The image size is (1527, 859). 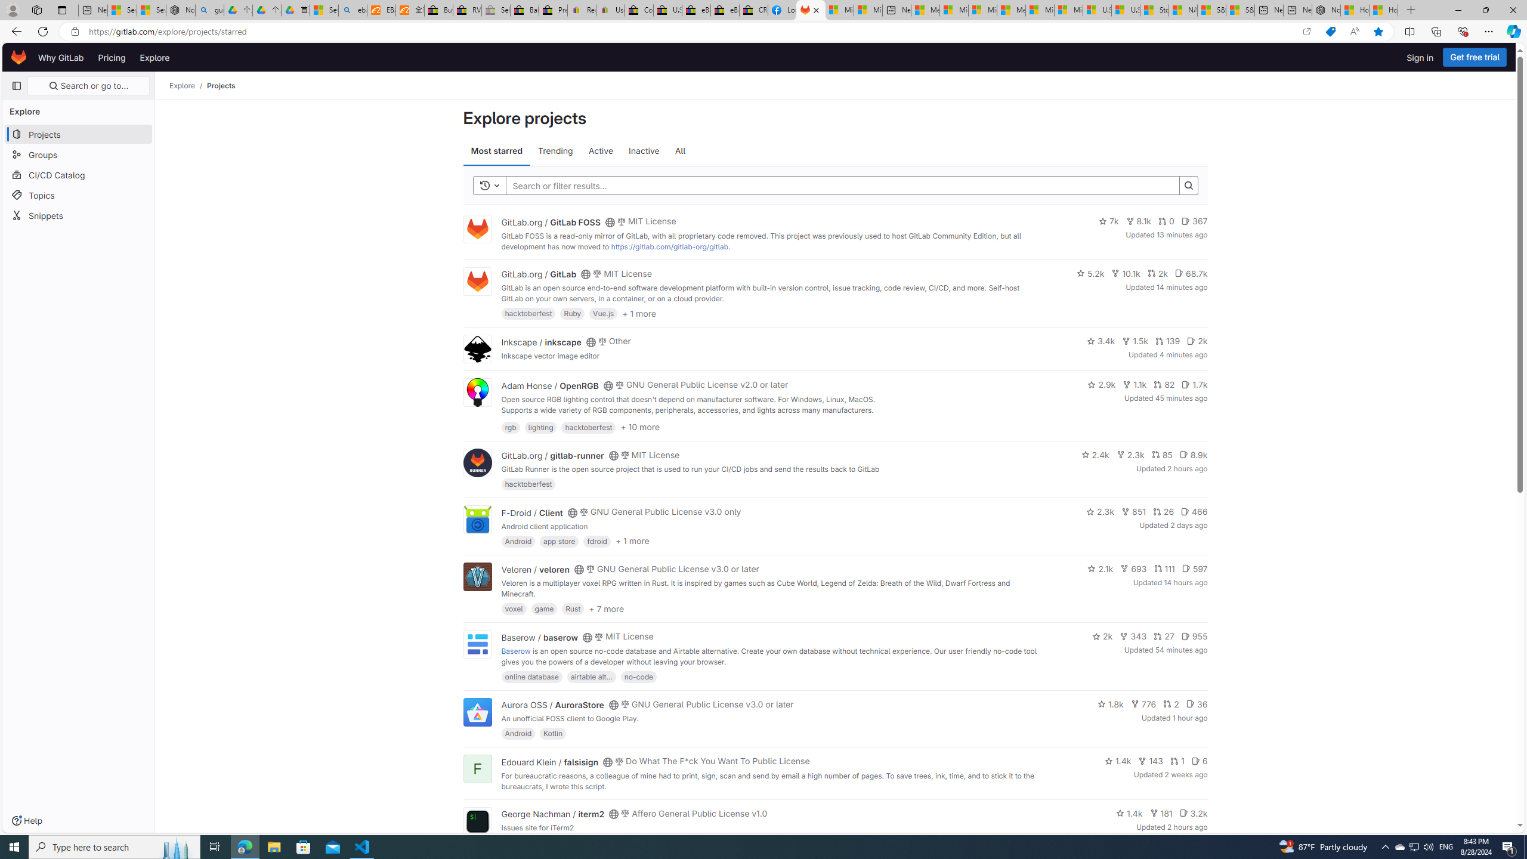 What do you see at coordinates (1191, 272) in the screenshot?
I see `'68.7k'` at bounding box center [1191, 272].